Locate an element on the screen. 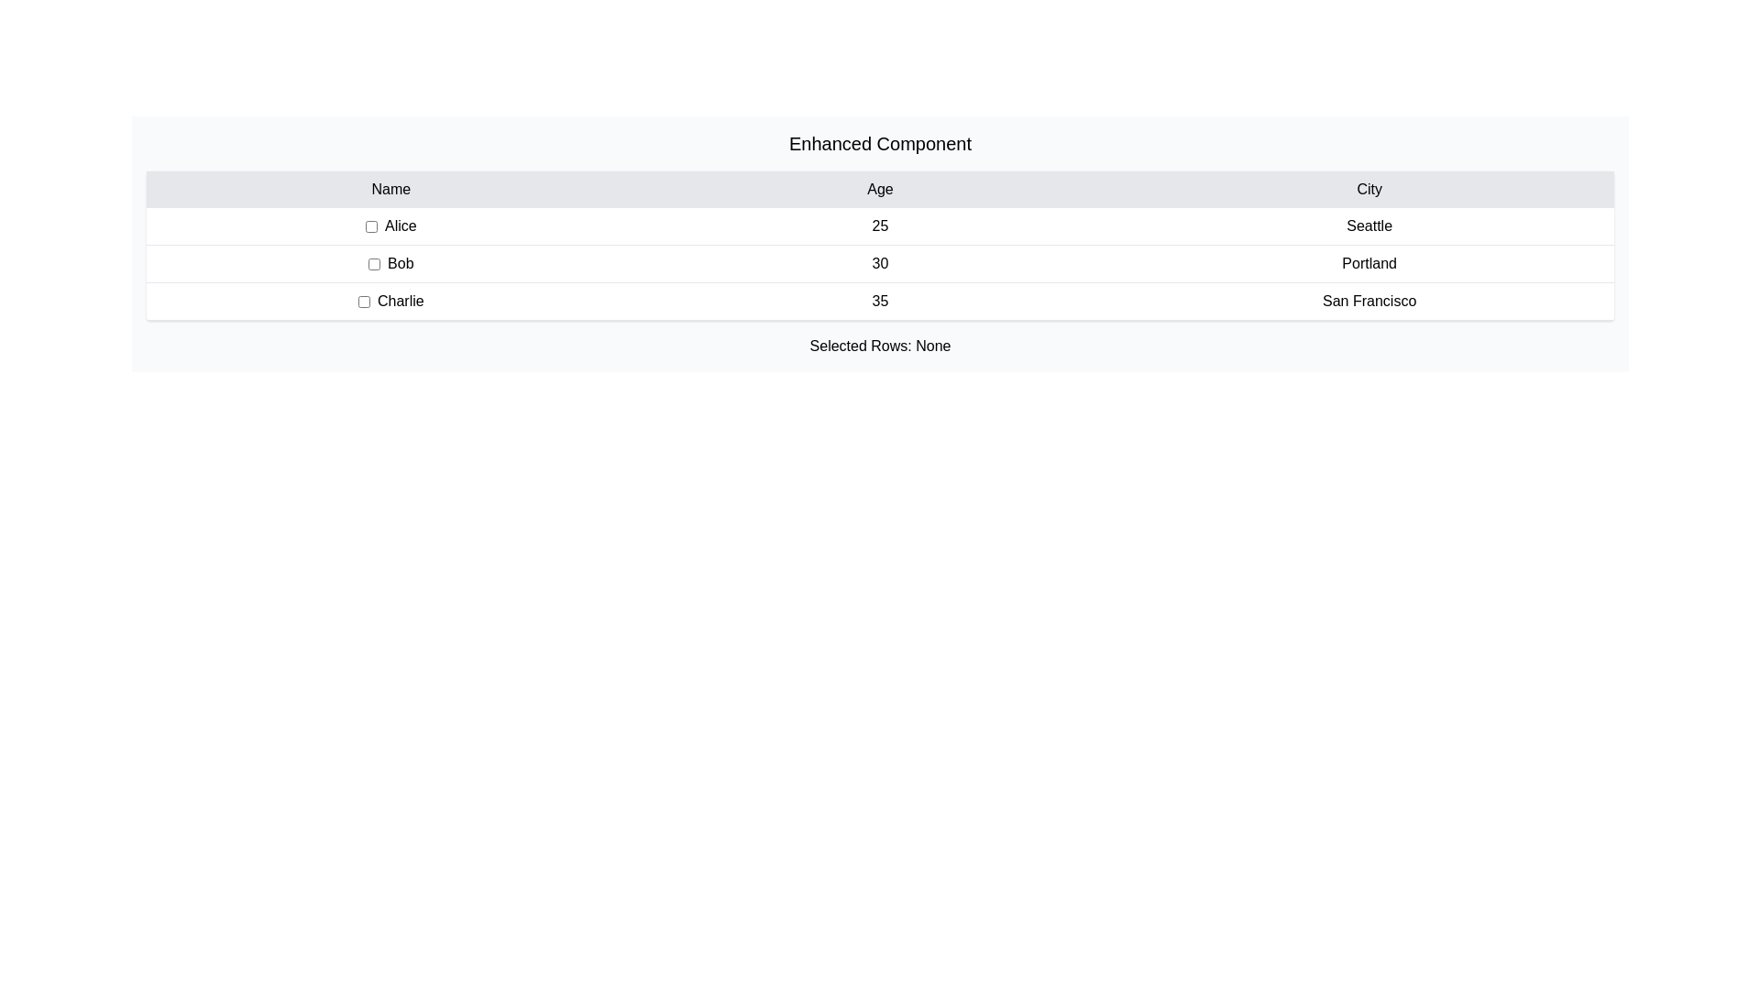  the text label displaying the age of 'Bob' located in the second row of the table under the 'Age' column is located at coordinates (880, 264).